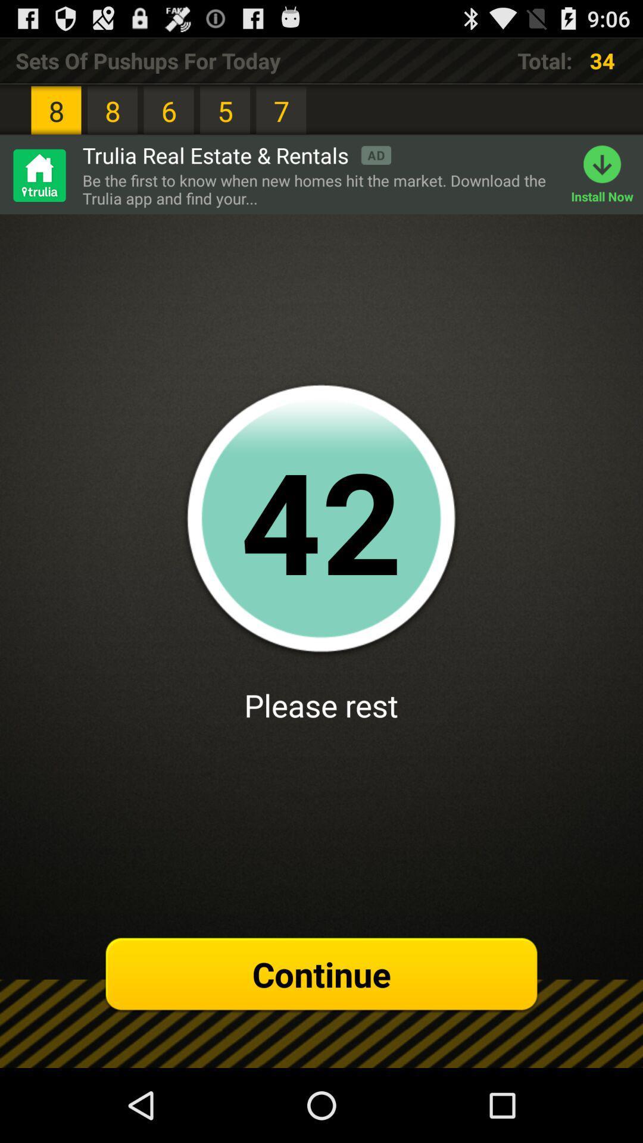 The height and width of the screenshot is (1143, 643). I want to click on the item to the left of install now icon, so click(320, 189).